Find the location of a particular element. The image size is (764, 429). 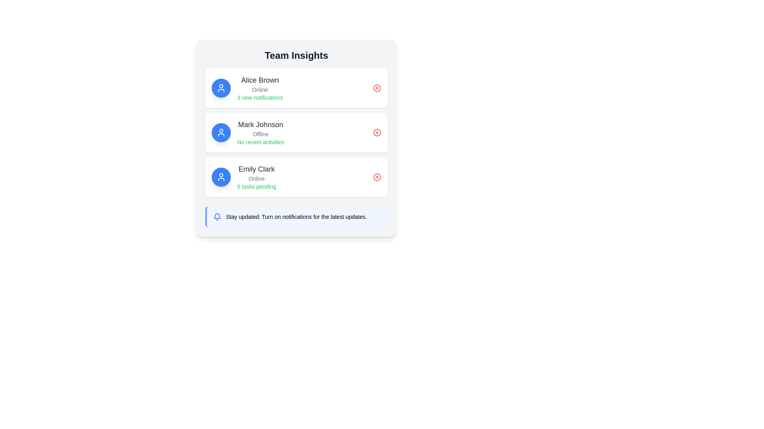

the user icon representing 'Emily Clark', which is a circular figure in a blue background is located at coordinates (221, 177).